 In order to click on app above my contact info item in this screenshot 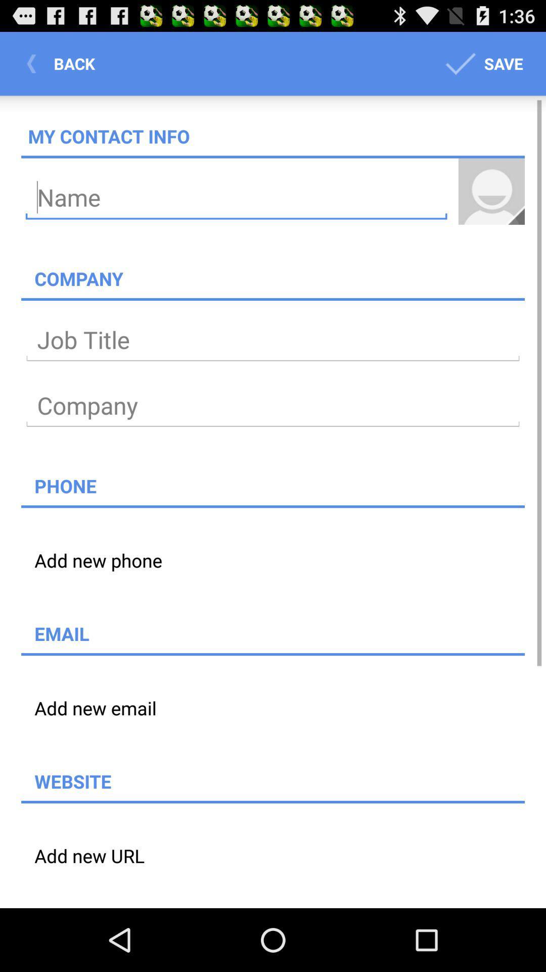, I will do `click(64, 63)`.